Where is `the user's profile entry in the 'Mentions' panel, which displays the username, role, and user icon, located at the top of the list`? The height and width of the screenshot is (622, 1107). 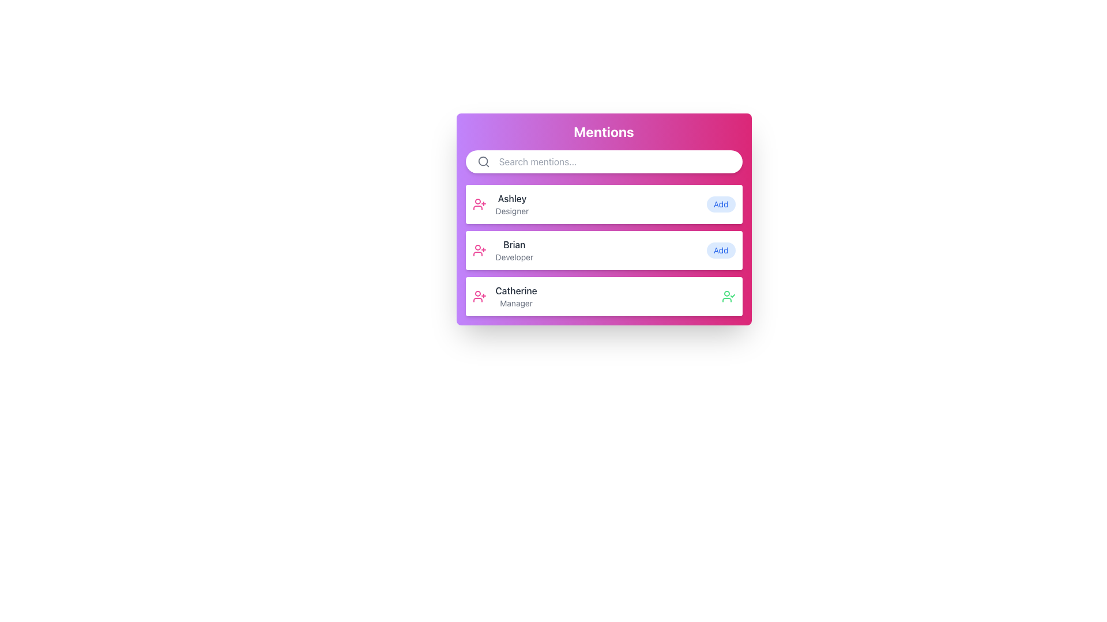
the user's profile entry in the 'Mentions' panel, which displays the username, role, and user icon, located at the top of the list is located at coordinates (500, 203).